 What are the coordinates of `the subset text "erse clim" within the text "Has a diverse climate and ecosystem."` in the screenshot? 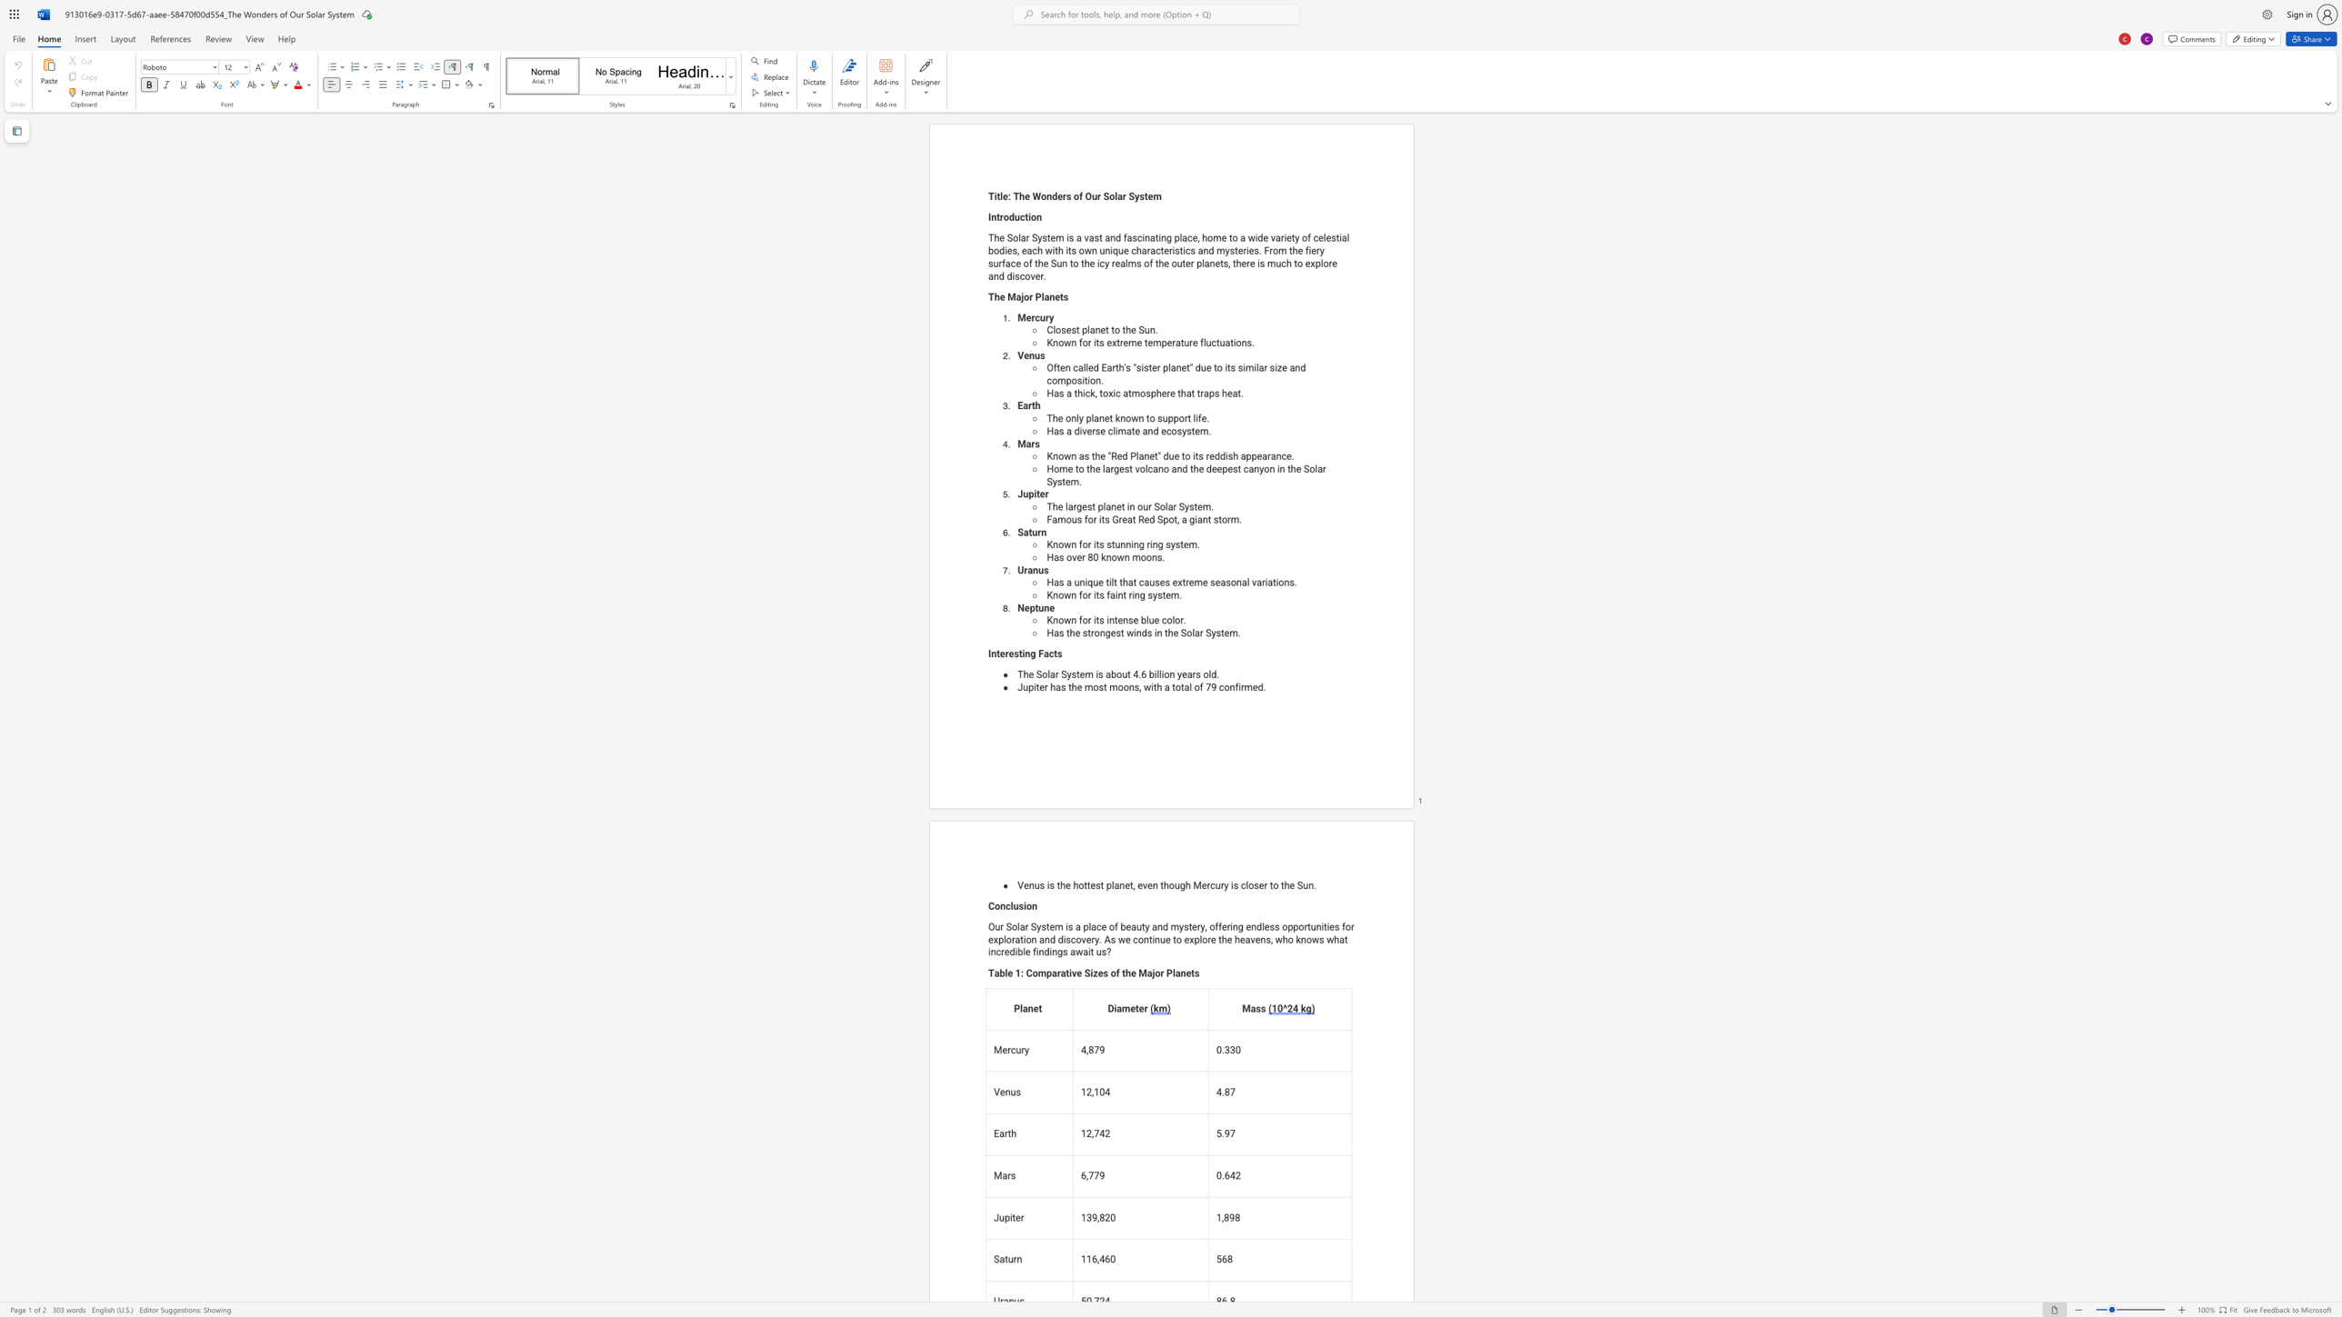 It's located at (1086, 431).